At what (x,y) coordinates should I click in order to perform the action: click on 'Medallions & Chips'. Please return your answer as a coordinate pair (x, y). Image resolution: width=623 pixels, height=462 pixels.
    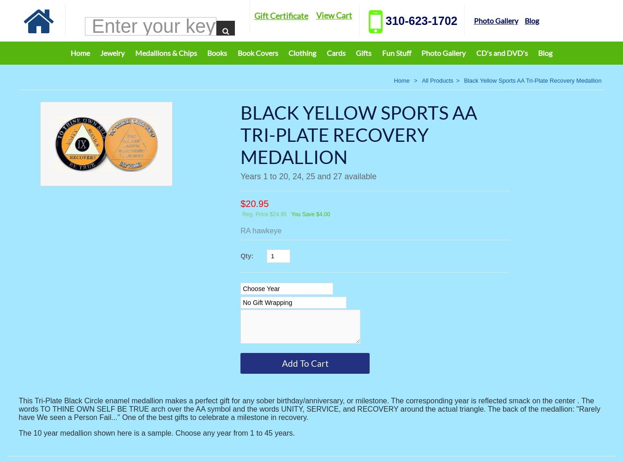
    Looking at the image, I should click on (165, 52).